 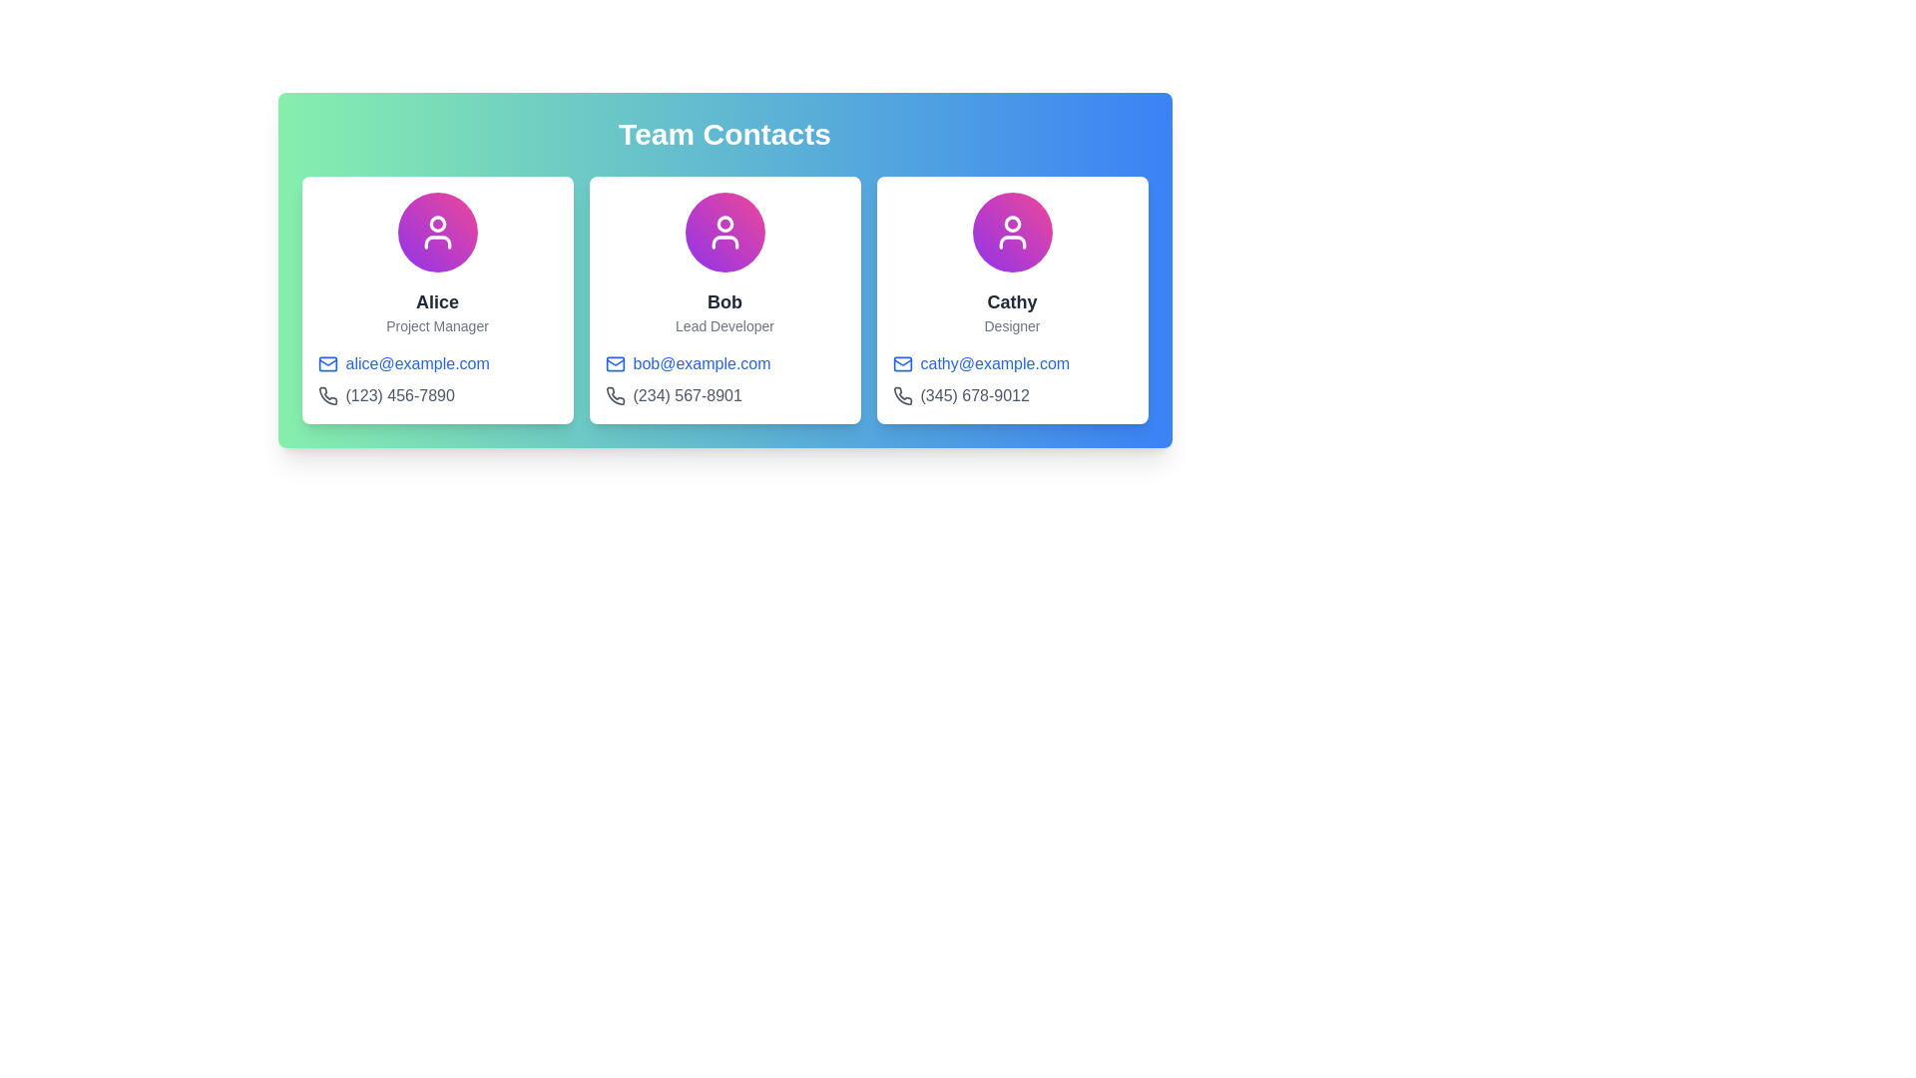 What do you see at coordinates (1012, 364) in the screenshot?
I see `the clickable text link 'cathy@example.com'` at bounding box center [1012, 364].